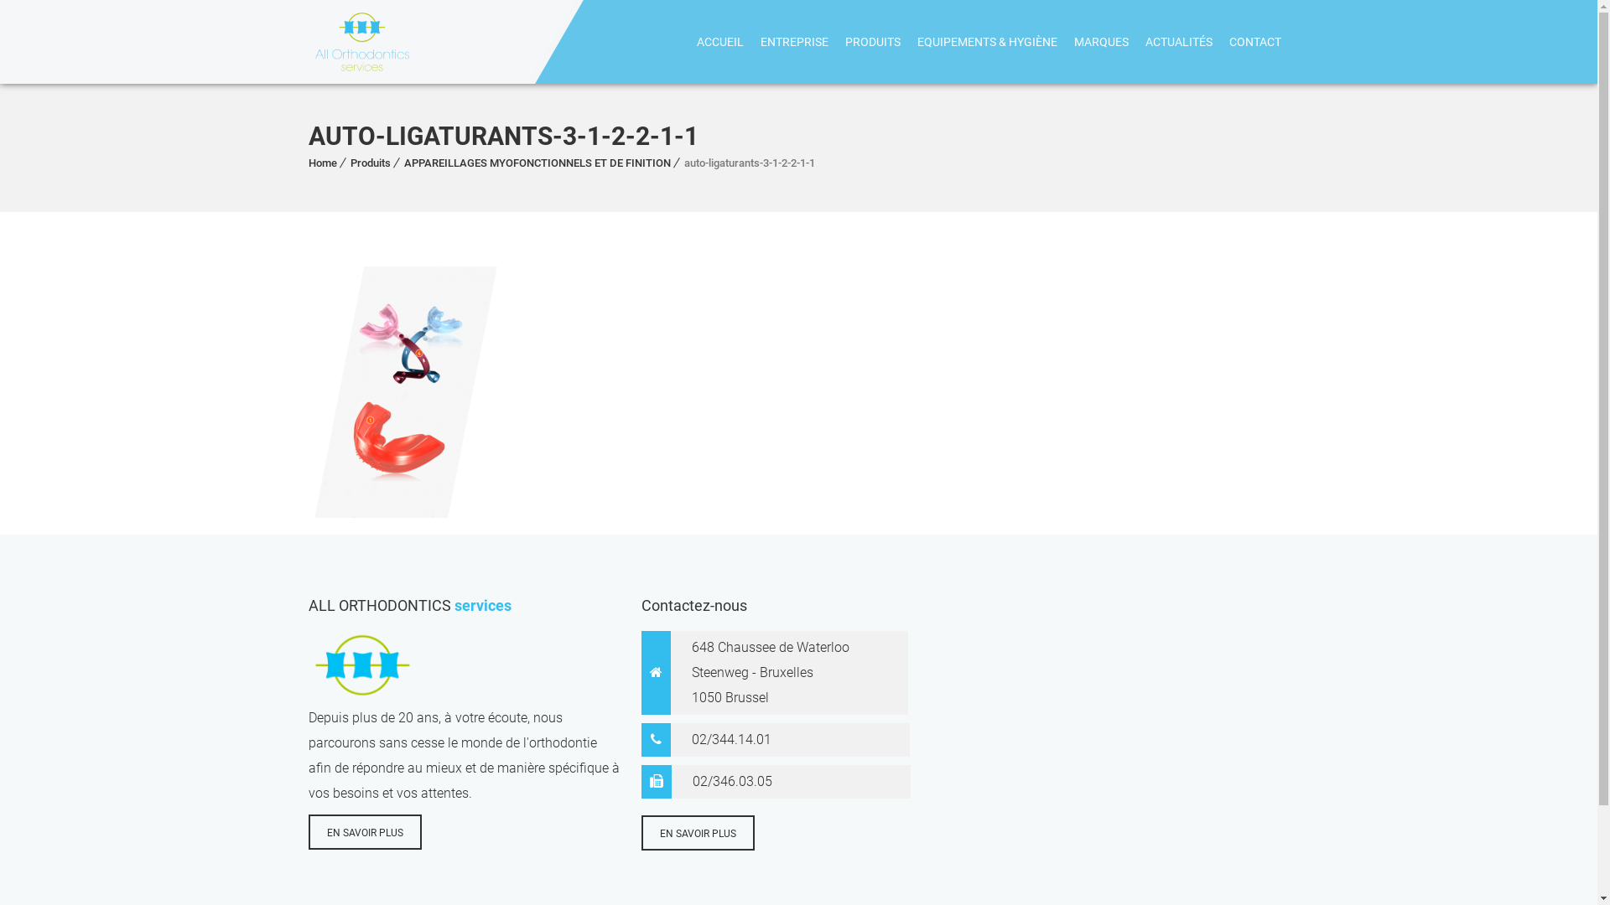  I want to click on 'All Ortho', so click(309, 41).